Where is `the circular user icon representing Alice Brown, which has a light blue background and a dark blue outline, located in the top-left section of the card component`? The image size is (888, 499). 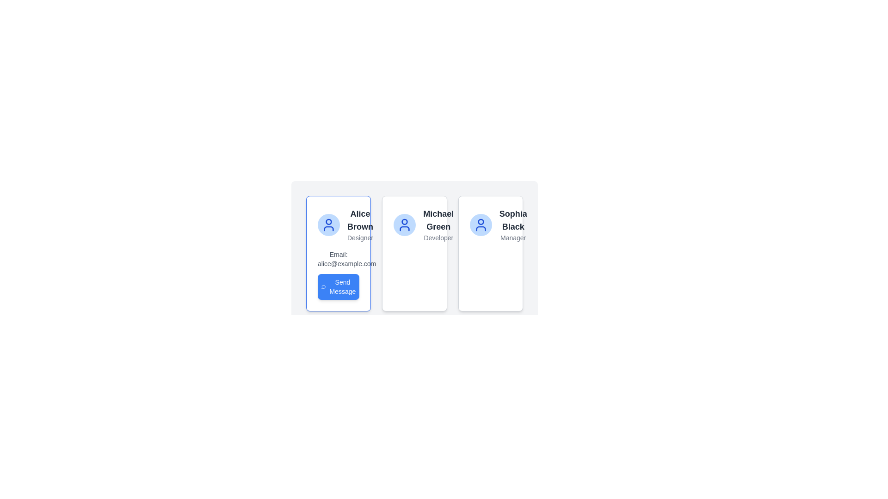 the circular user icon representing Alice Brown, which has a light blue background and a dark blue outline, located in the top-left section of the card component is located at coordinates (338, 225).